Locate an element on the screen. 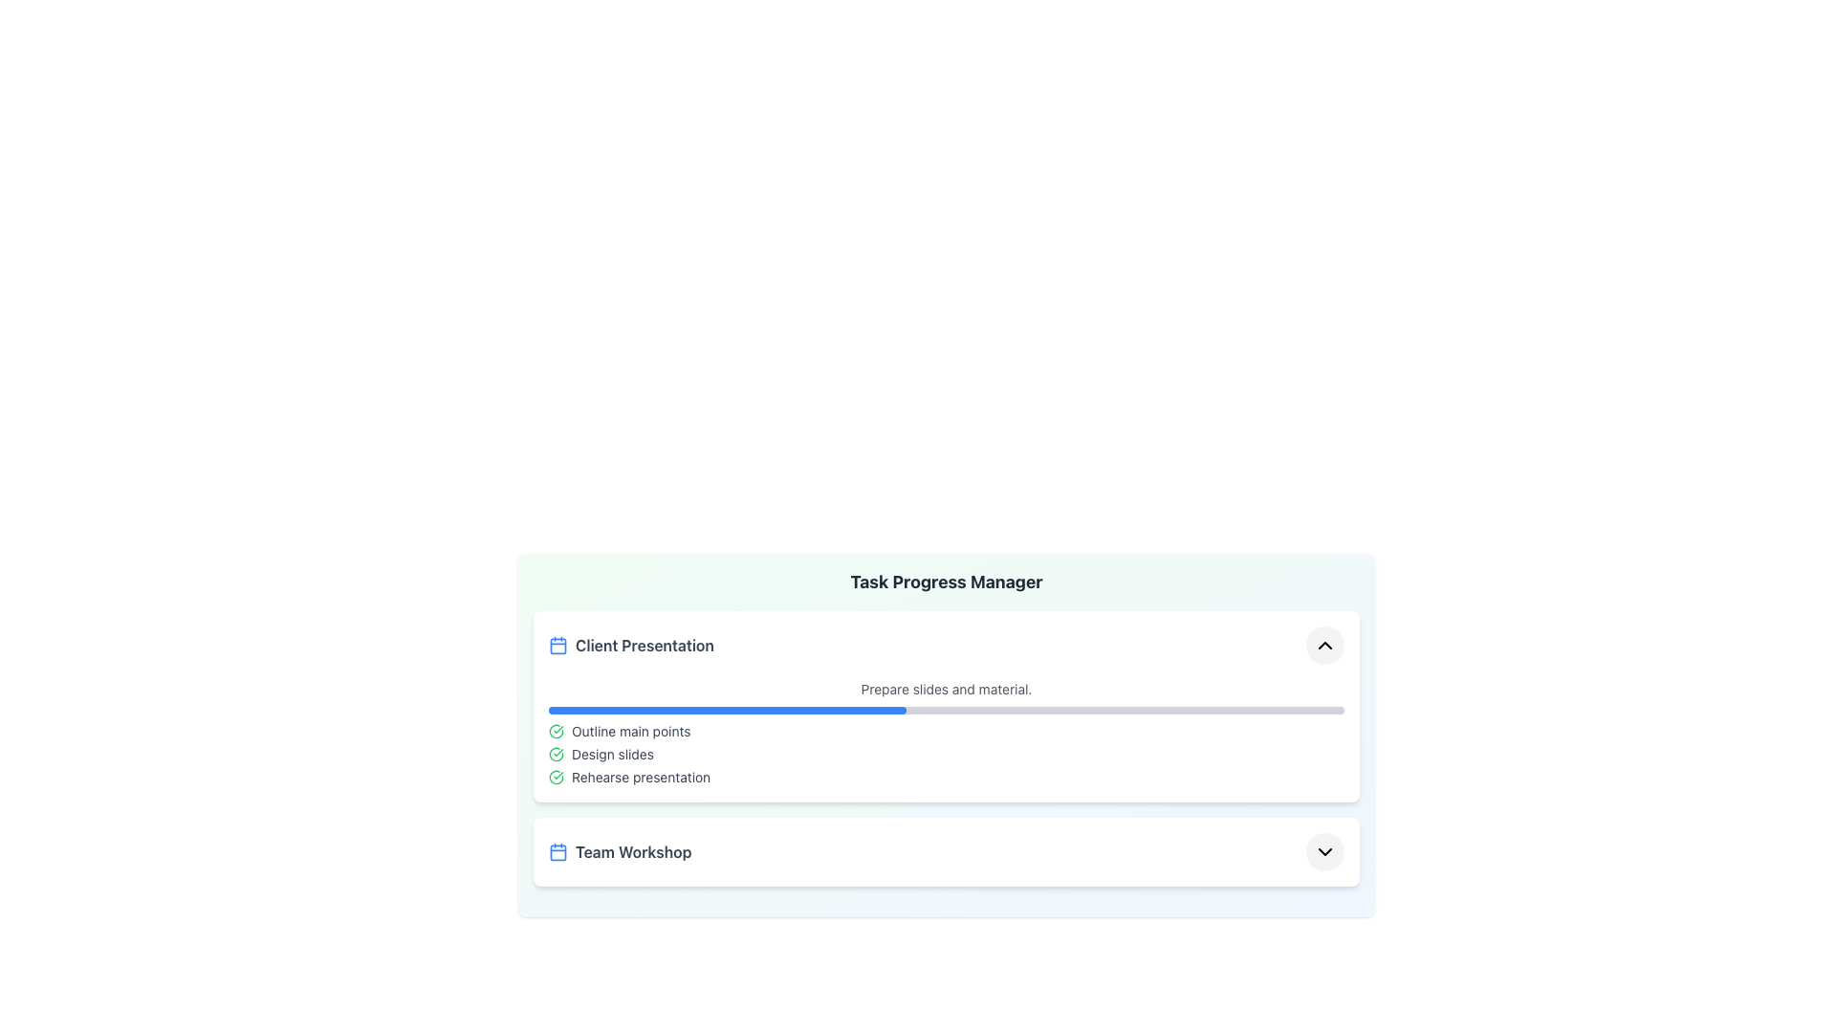  text 'Client Presentation' from the label that features a blue calendar icon on the left and bold dark gray text is located at coordinates (631, 646).